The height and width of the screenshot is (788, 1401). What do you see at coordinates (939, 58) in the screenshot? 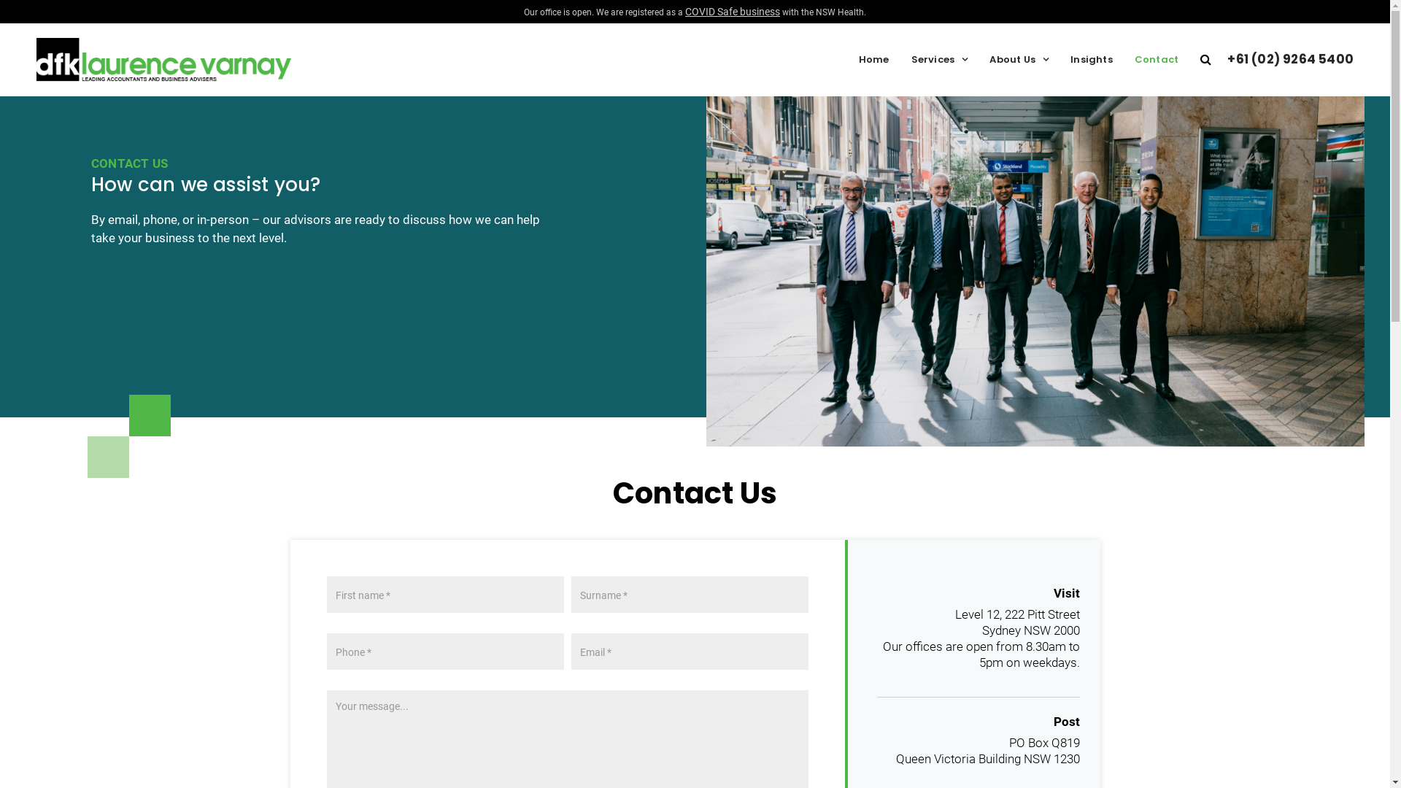
I see `'Services'` at bounding box center [939, 58].